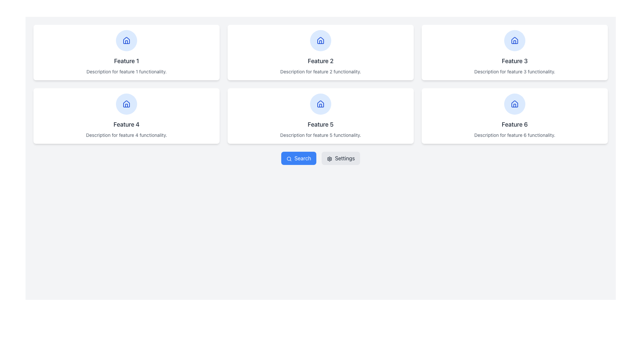 This screenshot has height=357, width=636. I want to click on the circular icon with a light blue background and a blue home symbol located at the top center of the panel labeled 'Feature 4', so click(127, 104).